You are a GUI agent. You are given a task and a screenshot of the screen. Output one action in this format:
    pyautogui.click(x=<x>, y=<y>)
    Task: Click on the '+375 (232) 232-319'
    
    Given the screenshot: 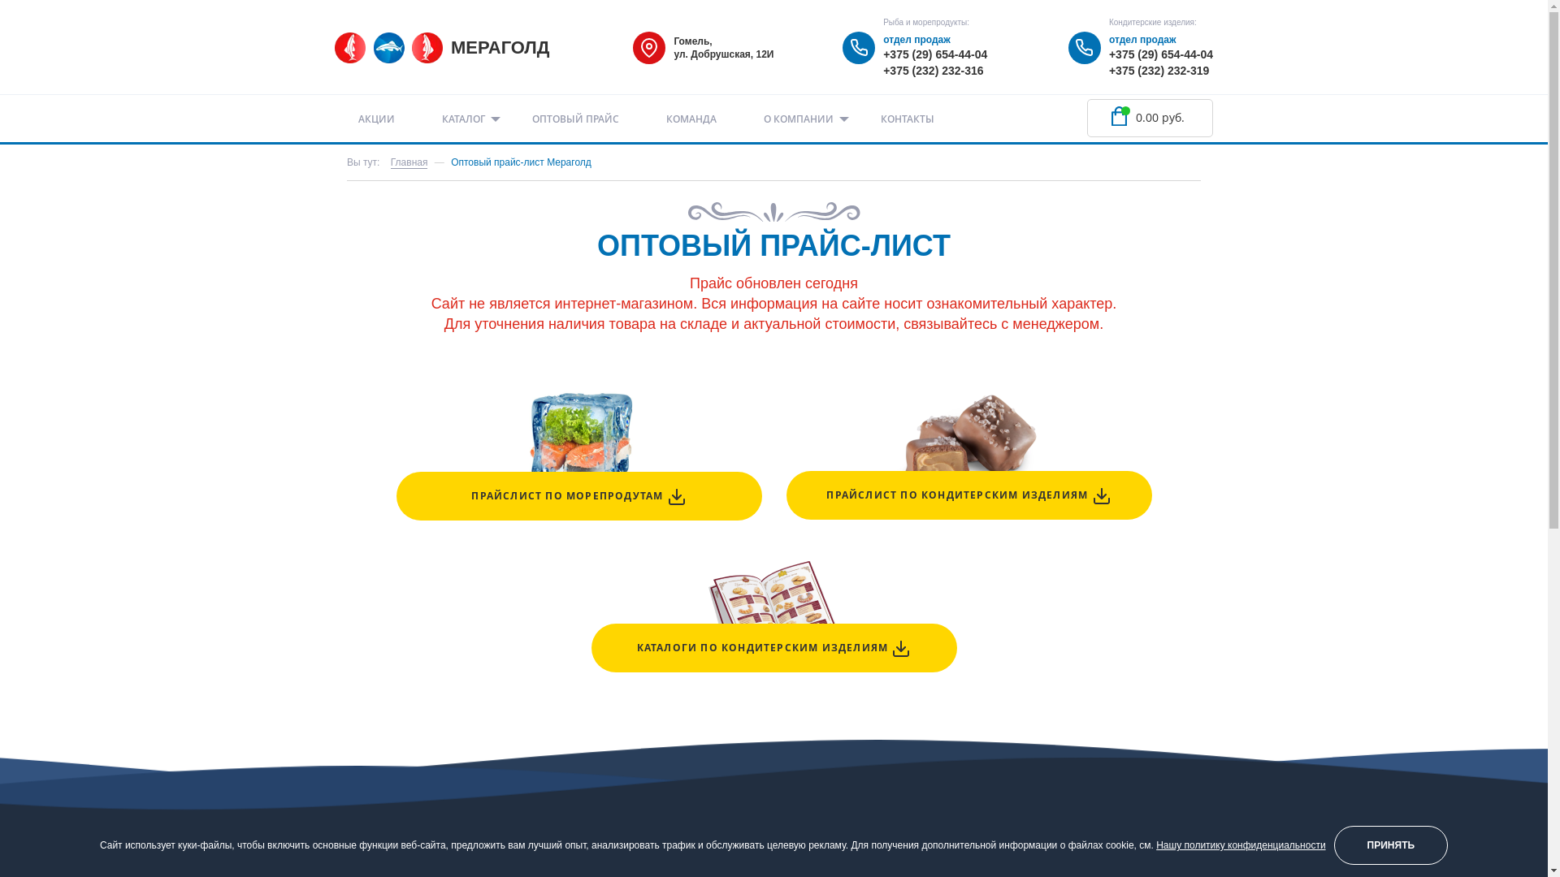 What is the action you would take?
    pyautogui.click(x=1158, y=70)
    